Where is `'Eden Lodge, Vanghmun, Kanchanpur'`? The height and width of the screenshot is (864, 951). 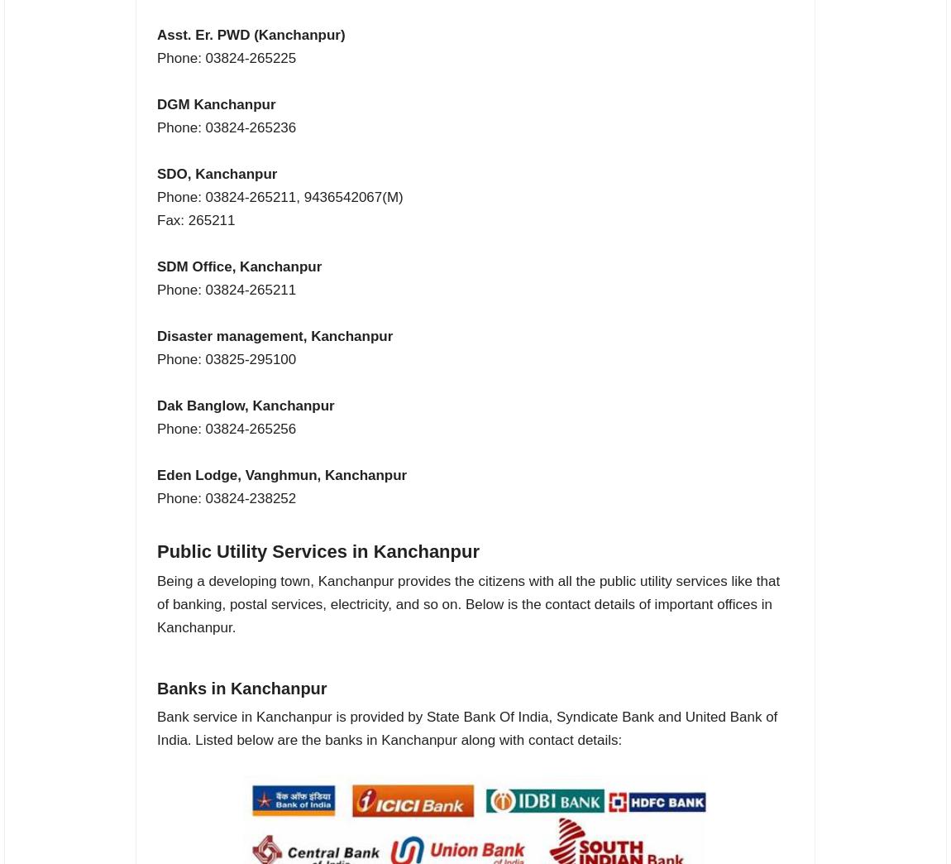 'Eden Lodge, Vanghmun, Kanchanpur' is located at coordinates (155, 474).